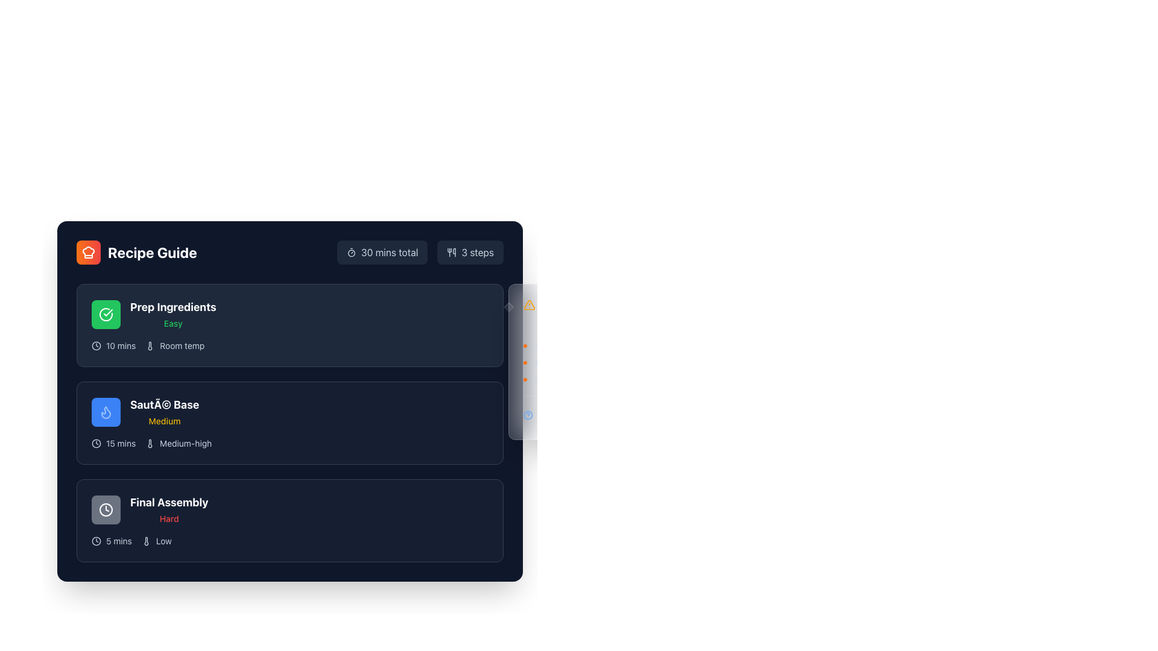  I want to click on the time indicator icon located to the far left of the '15 mins' text in the 'Sauté Base' section, so click(95, 444).